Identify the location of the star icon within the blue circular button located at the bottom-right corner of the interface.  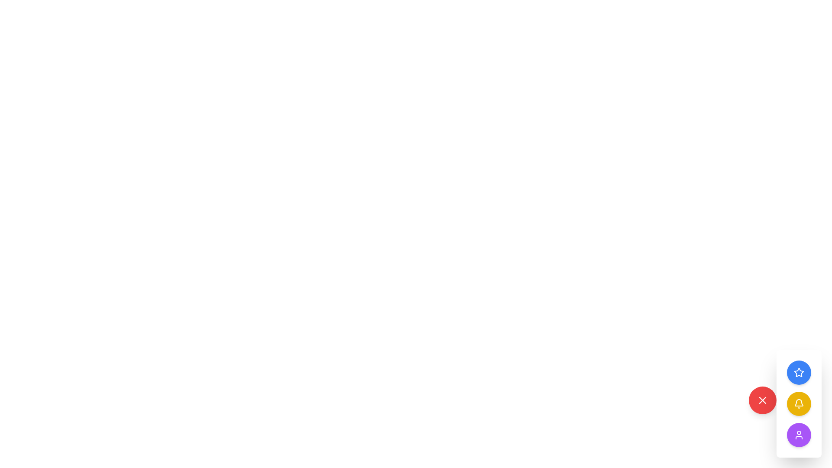
(798, 372).